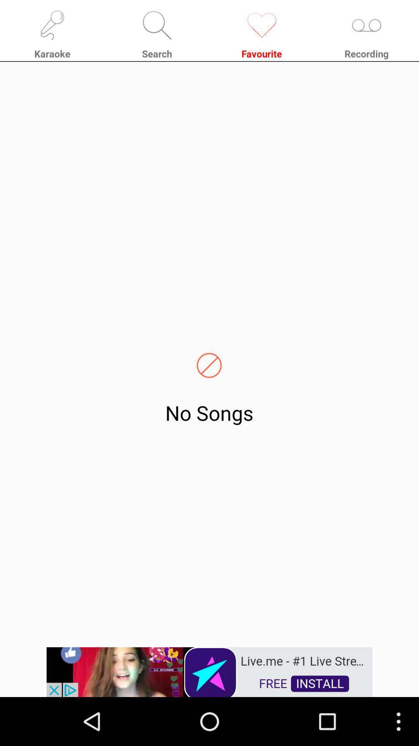  What do you see at coordinates (209, 671) in the screenshot?
I see `open this advertisement` at bounding box center [209, 671].